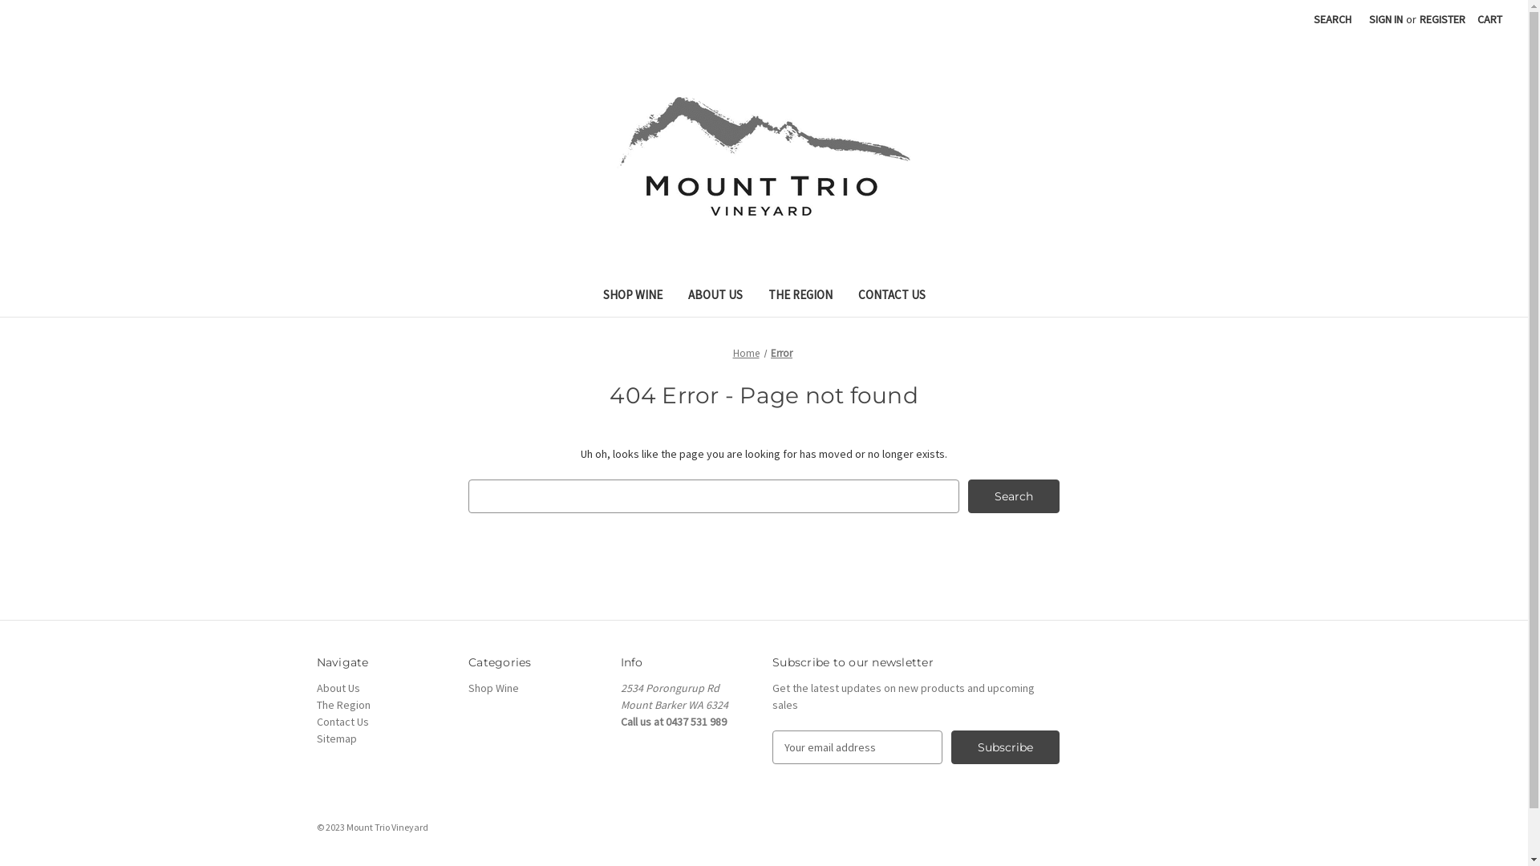  I want to click on 'Shop Wine', so click(492, 686).